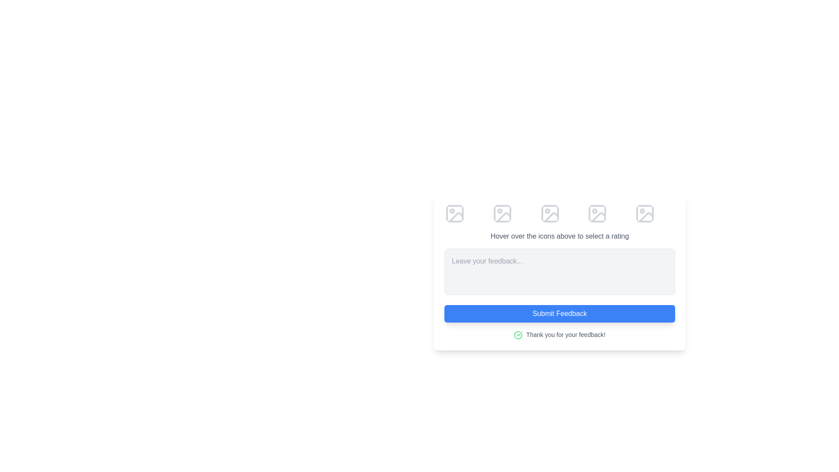  What do you see at coordinates (560, 298) in the screenshot?
I see `the submit feedback button located below the feedback input box` at bounding box center [560, 298].